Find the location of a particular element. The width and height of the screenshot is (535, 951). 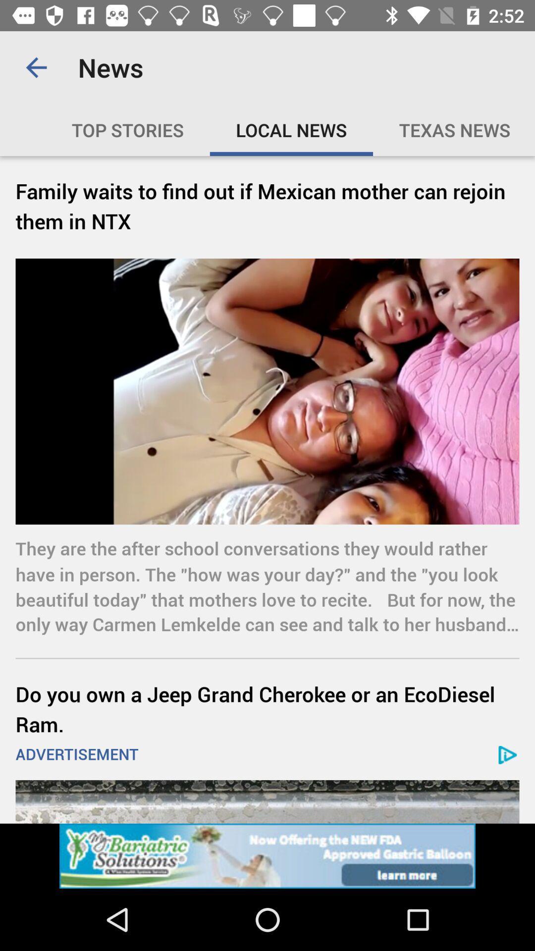

so the advertisement is located at coordinates (267, 855).